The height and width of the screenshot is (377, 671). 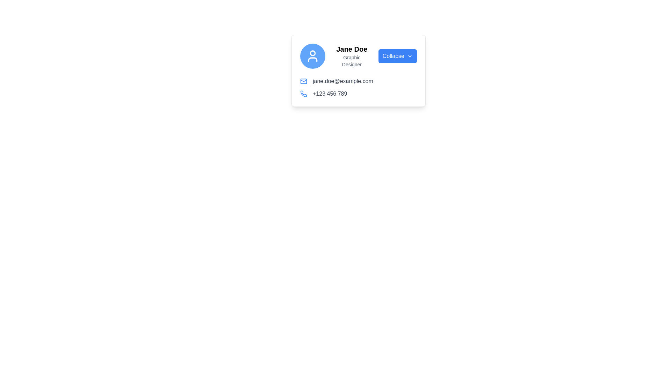 What do you see at coordinates (343, 81) in the screenshot?
I see `the text label displaying 'jane.doe@example.com'` at bounding box center [343, 81].